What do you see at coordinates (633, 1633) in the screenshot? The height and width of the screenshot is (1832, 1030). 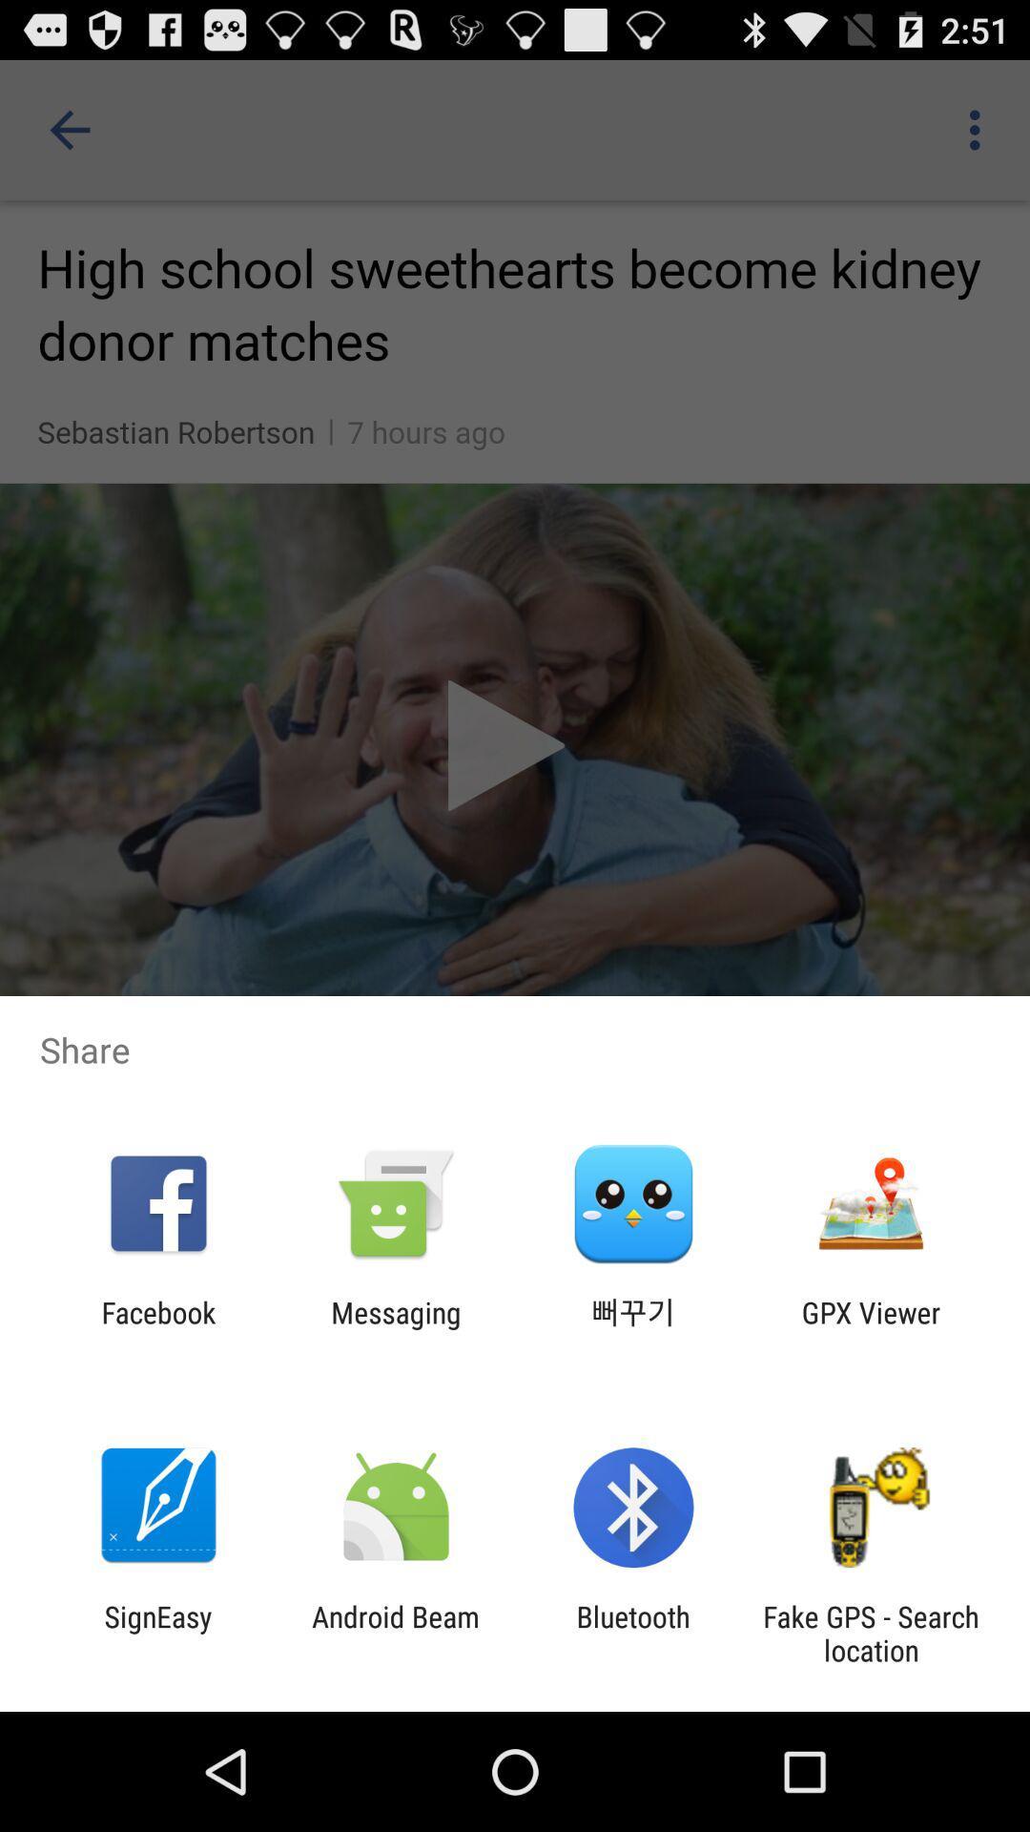 I see `the icon to the right of the android beam` at bounding box center [633, 1633].